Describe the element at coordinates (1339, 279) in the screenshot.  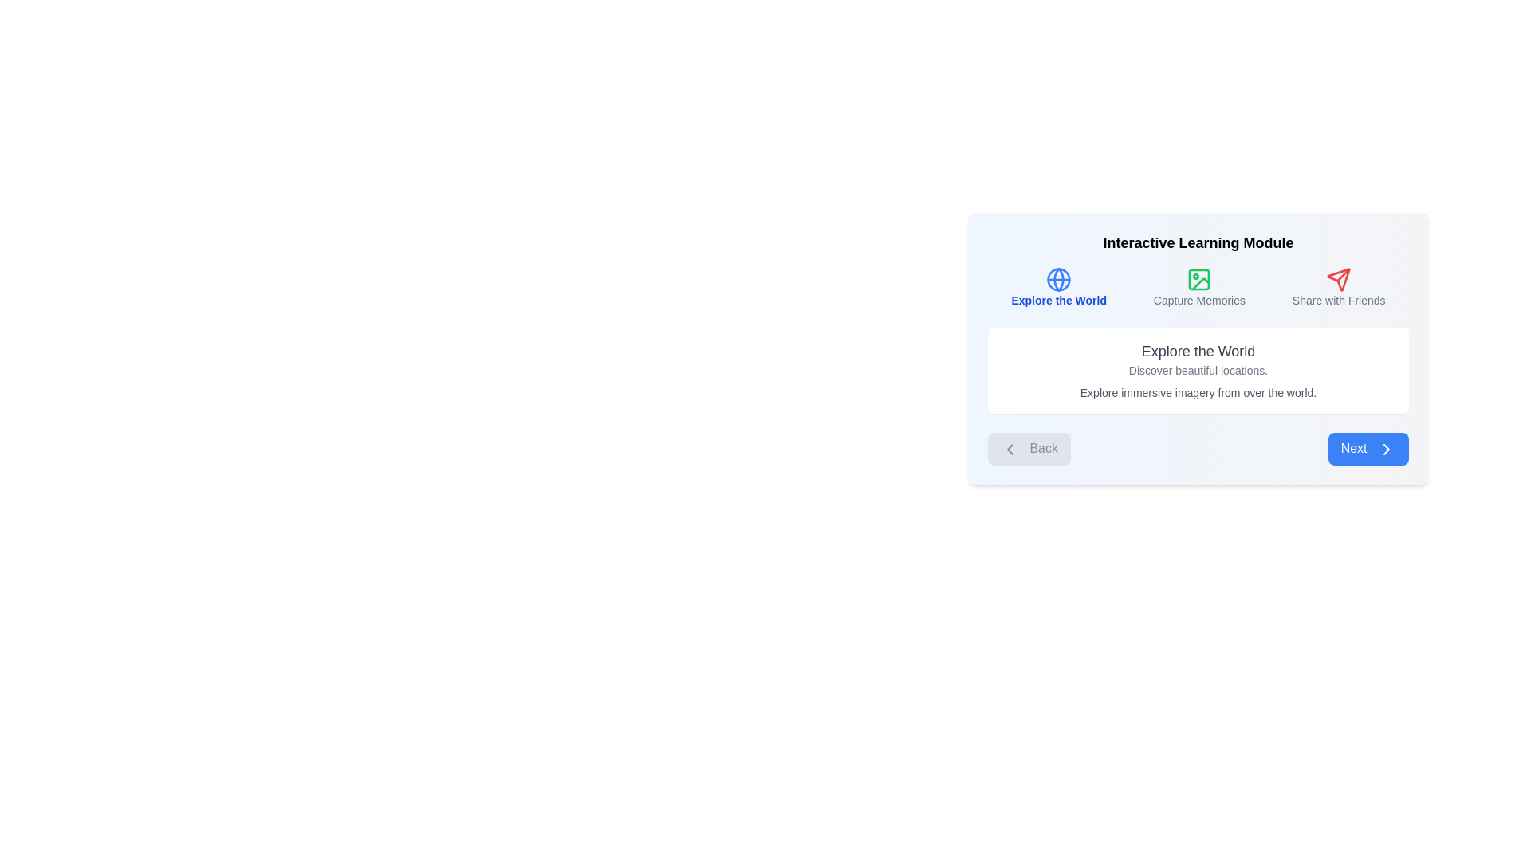
I see `the 'Share with Friends' icon located at the top of the 'Interactive Learning Module'` at that location.